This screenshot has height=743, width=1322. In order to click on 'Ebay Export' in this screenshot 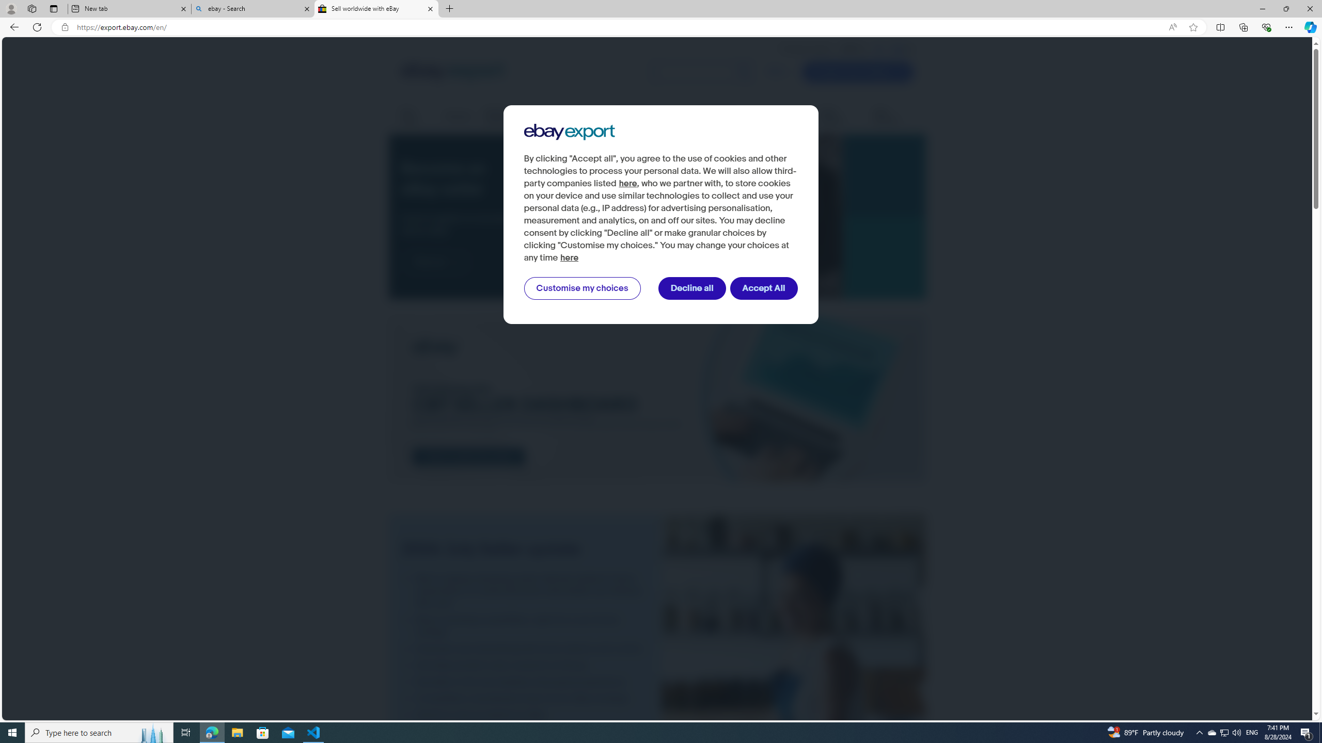, I will do `click(569, 132)`.